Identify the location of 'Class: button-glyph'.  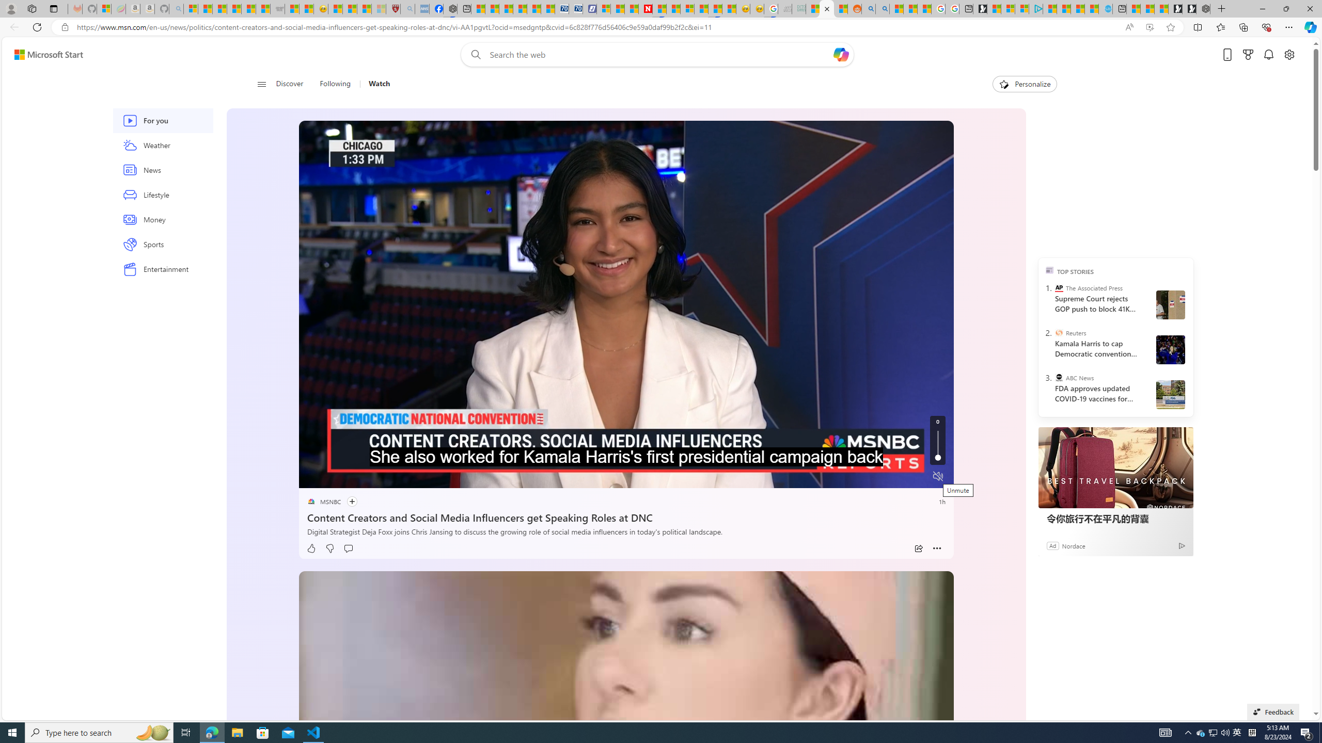
(261, 84).